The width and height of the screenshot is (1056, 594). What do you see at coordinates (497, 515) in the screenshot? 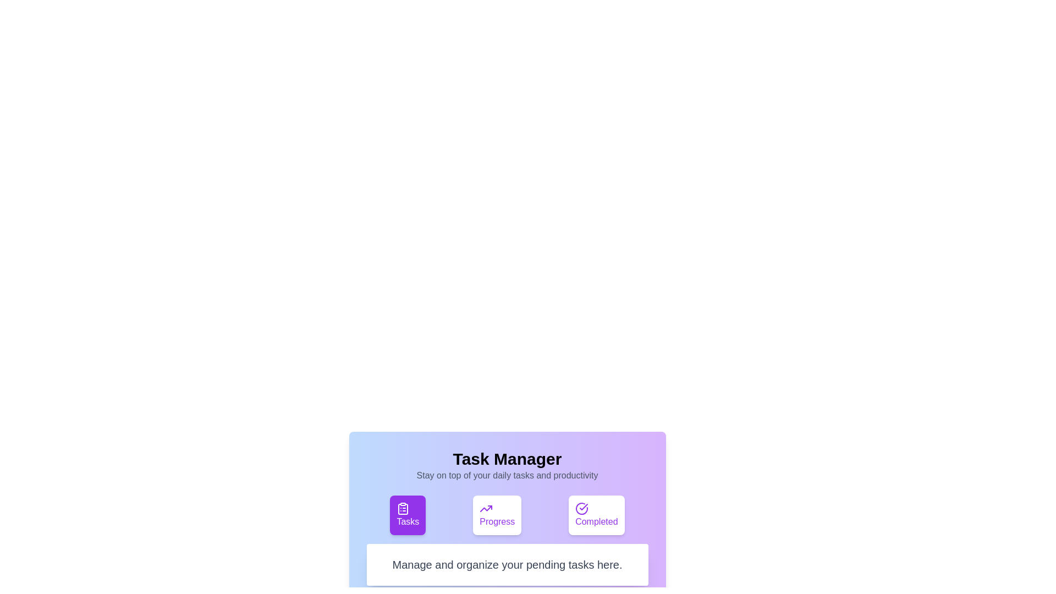
I see `the Progress tab` at bounding box center [497, 515].